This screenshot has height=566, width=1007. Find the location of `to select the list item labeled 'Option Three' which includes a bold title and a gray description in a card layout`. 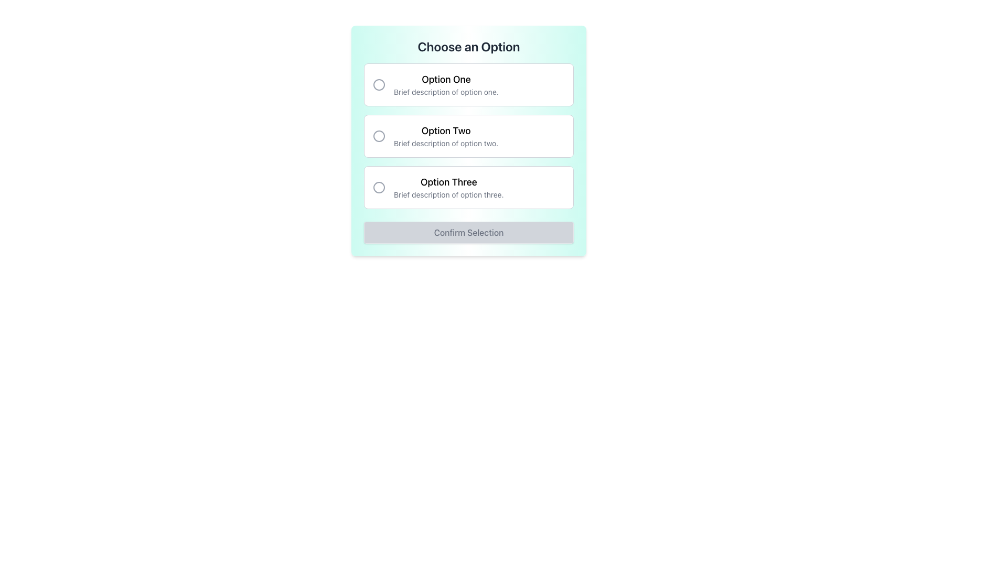

to select the list item labeled 'Option Three' which includes a bold title and a gray description in a card layout is located at coordinates (448, 187).